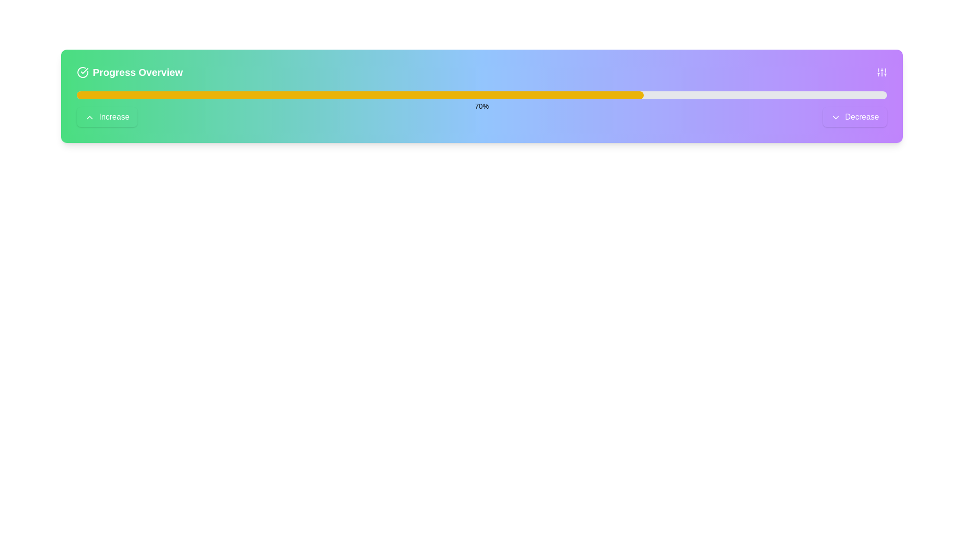 This screenshot has width=953, height=536. Describe the element at coordinates (481, 106) in the screenshot. I see `the Text Label that displays the current progress percentage, positioned directly below the horizontal progress bar` at that location.